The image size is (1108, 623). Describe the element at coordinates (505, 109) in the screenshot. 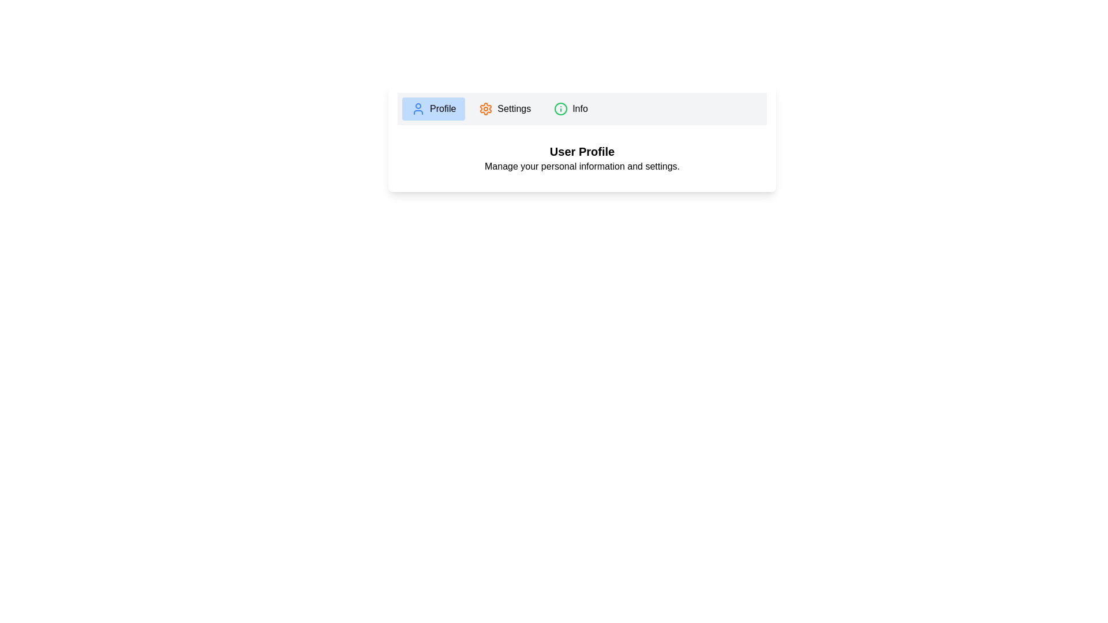

I see `the tab labeled Settings to observe its hover effect` at that location.